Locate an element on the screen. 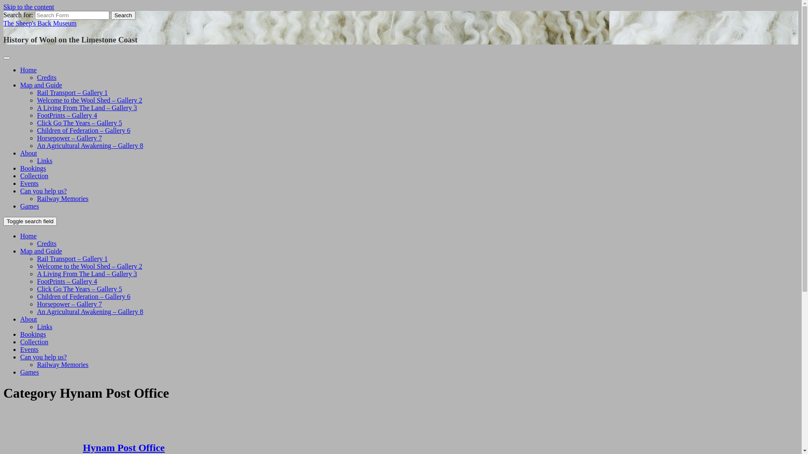 The image size is (808, 454). 'Railway Memories' is located at coordinates (62, 364).